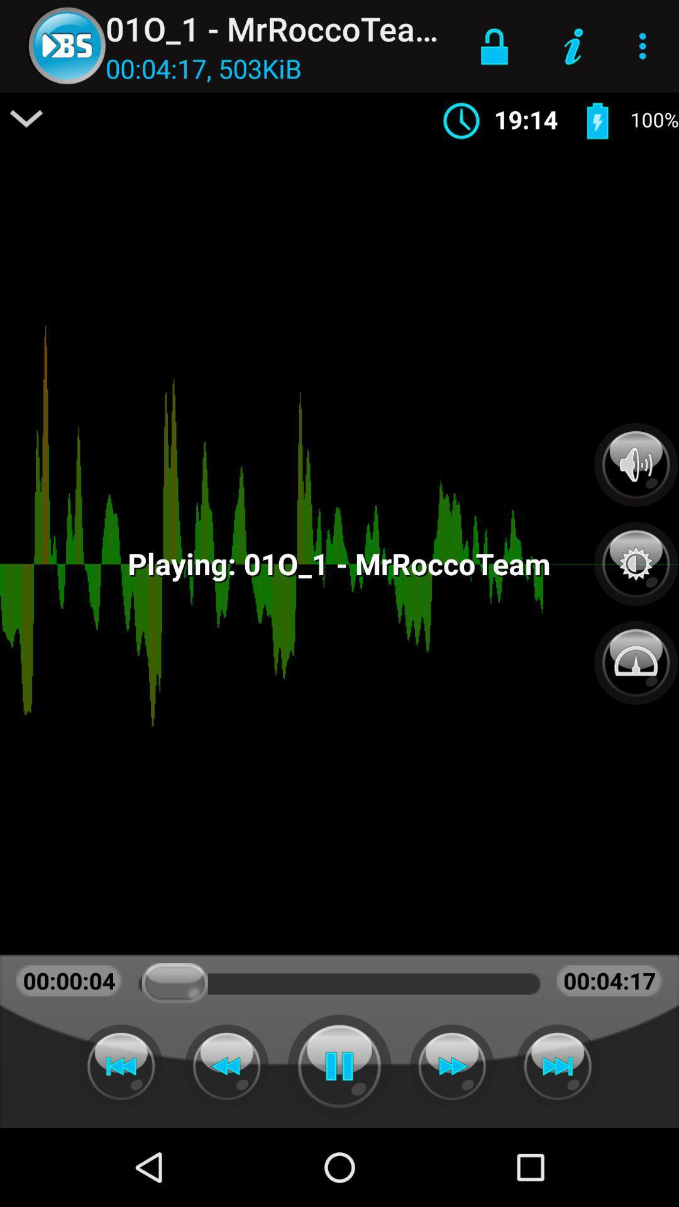  Describe the element at coordinates (121, 1066) in the screenshot. I see `forward bar` at that location.